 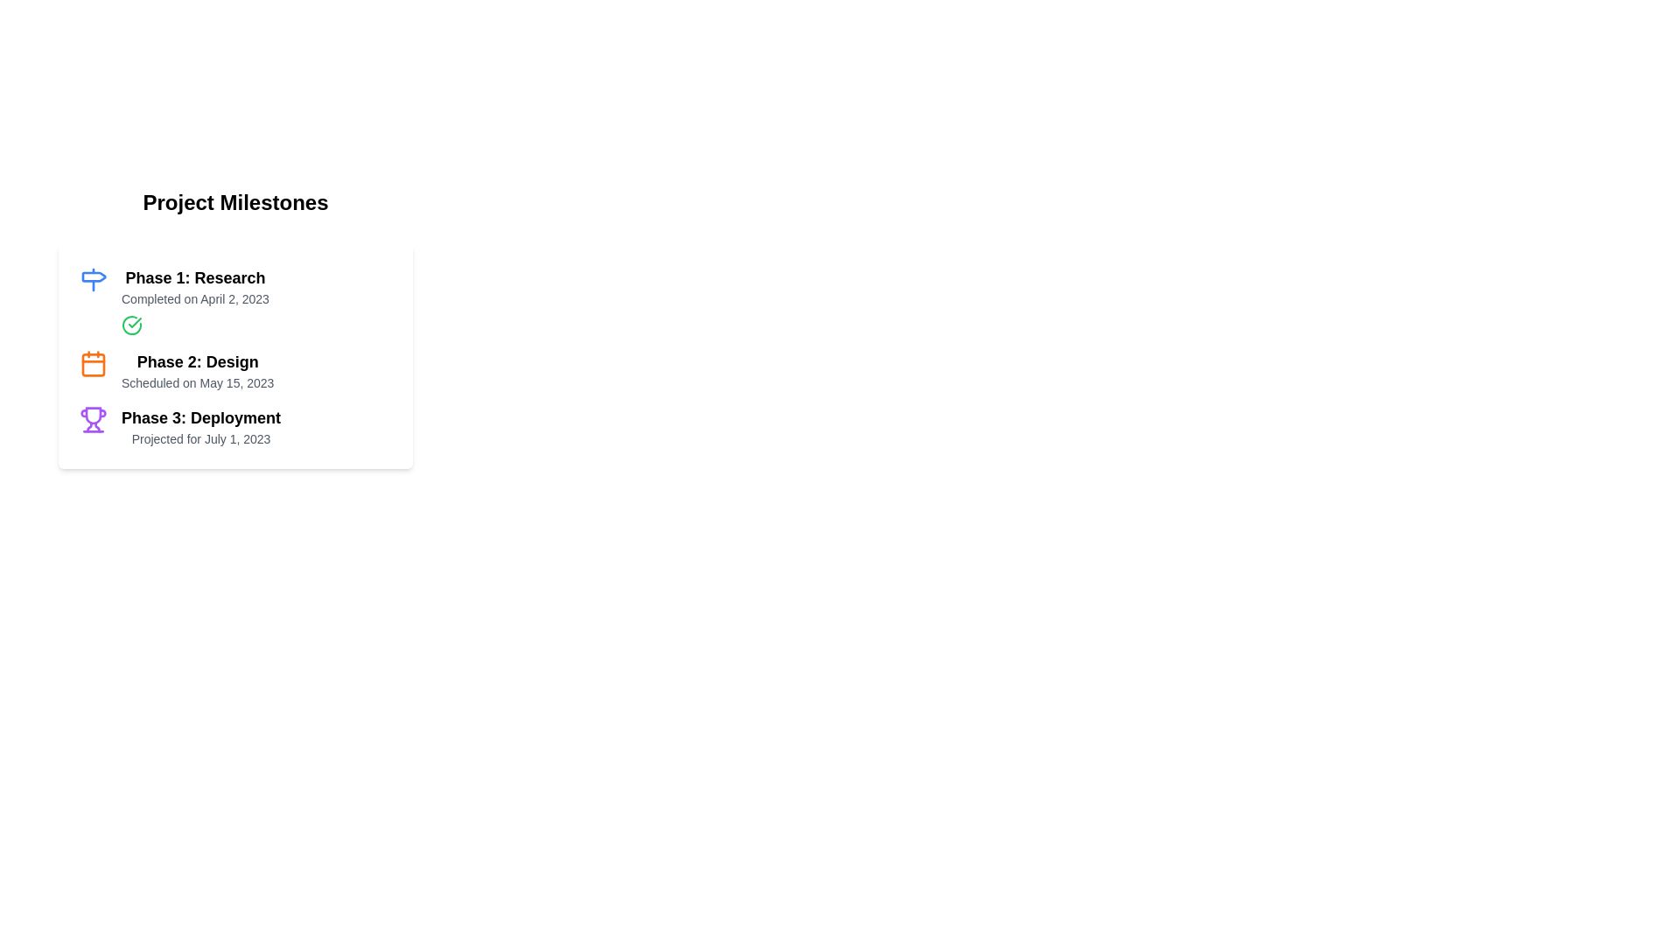 I want to click on the central component of the trophy icon representing the cup's main body, which is part of a purple-colored SVG icon within the 'Phase 3: Deployment' list item, so click(x=92, y=415).